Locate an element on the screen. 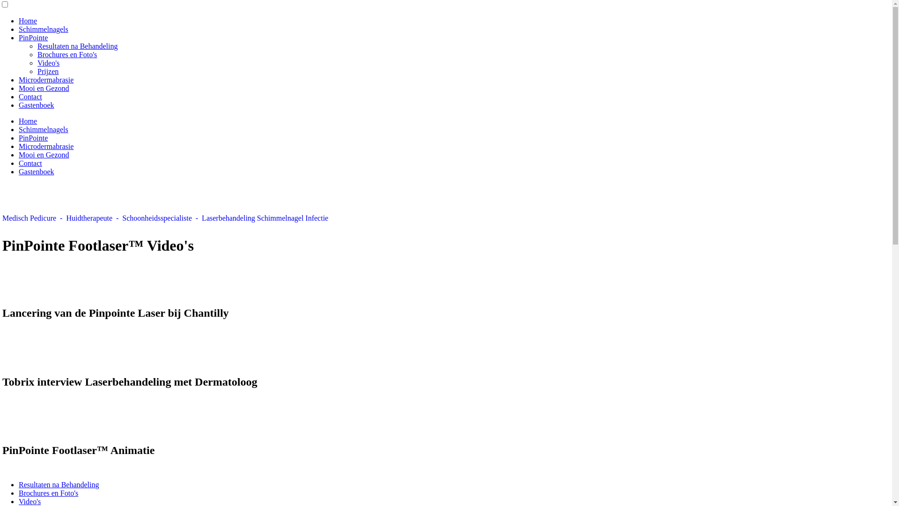 Image resolution: width=899 pixels, height=506 pixels. 'Microdermabrasie' is located at coordinates (45, 79).